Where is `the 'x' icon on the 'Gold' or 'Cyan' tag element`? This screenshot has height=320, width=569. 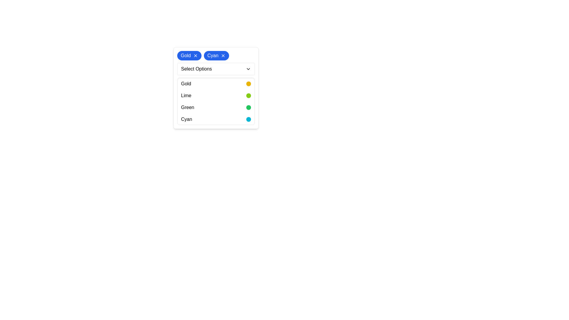 the 'x' icon on the 'Gold' or 'Cyan' tag element is located at coordinates (216, 56).